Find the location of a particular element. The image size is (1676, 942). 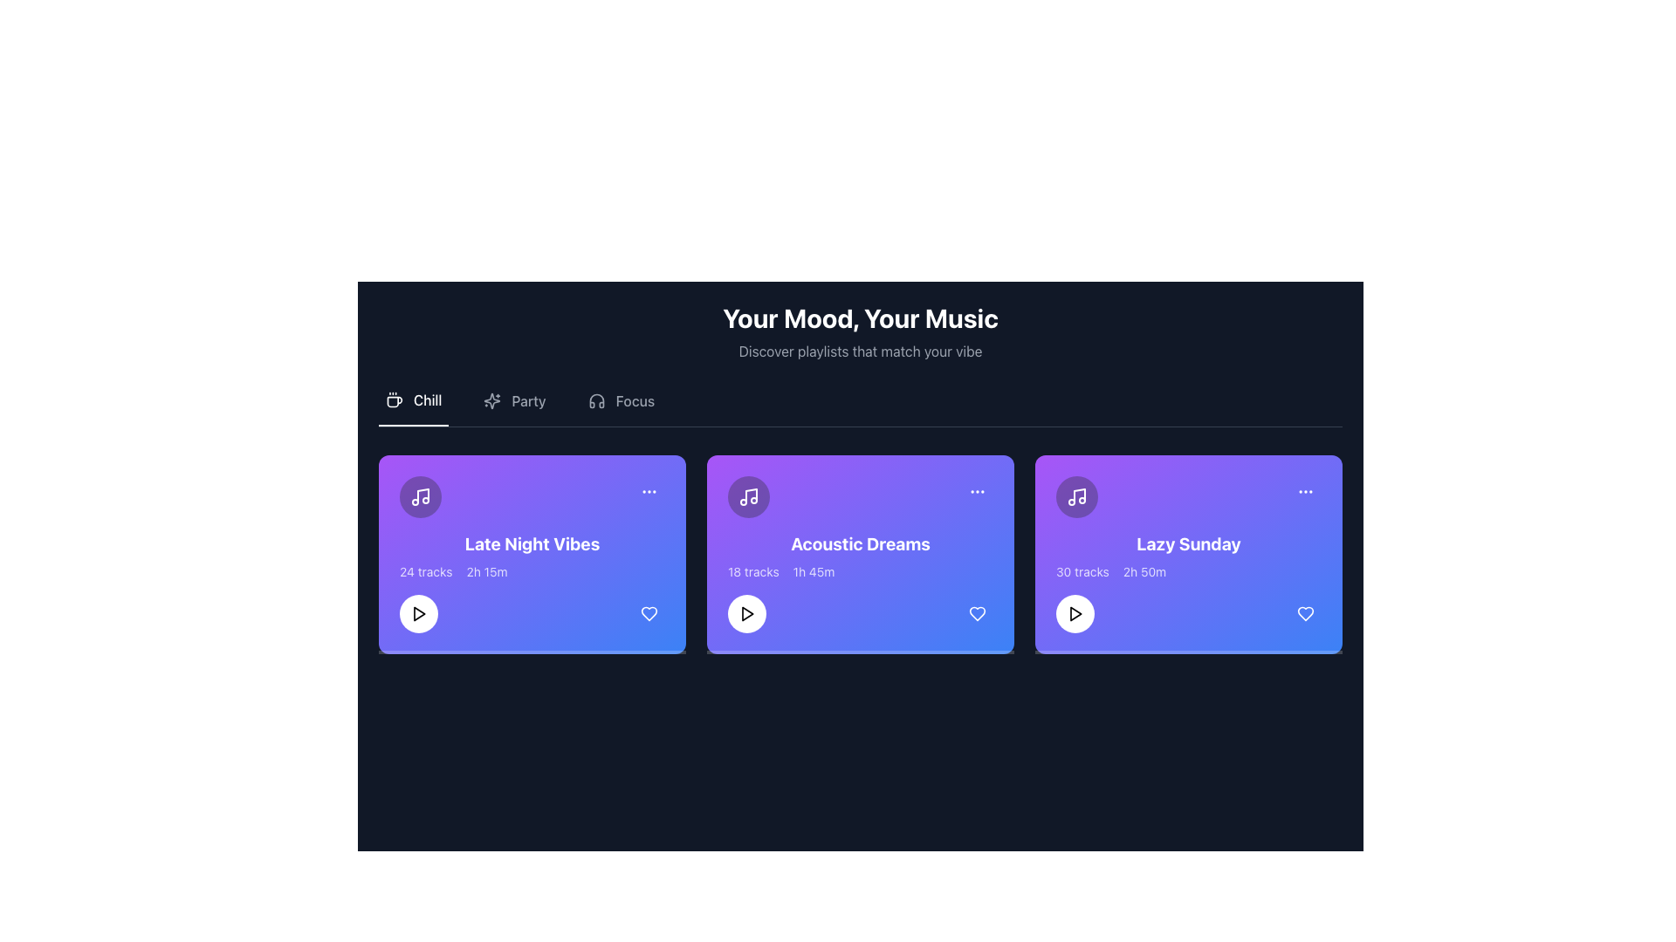

the 'Chill' navigation button located on the leftmost side of the row is located at coordinates (413, 407).